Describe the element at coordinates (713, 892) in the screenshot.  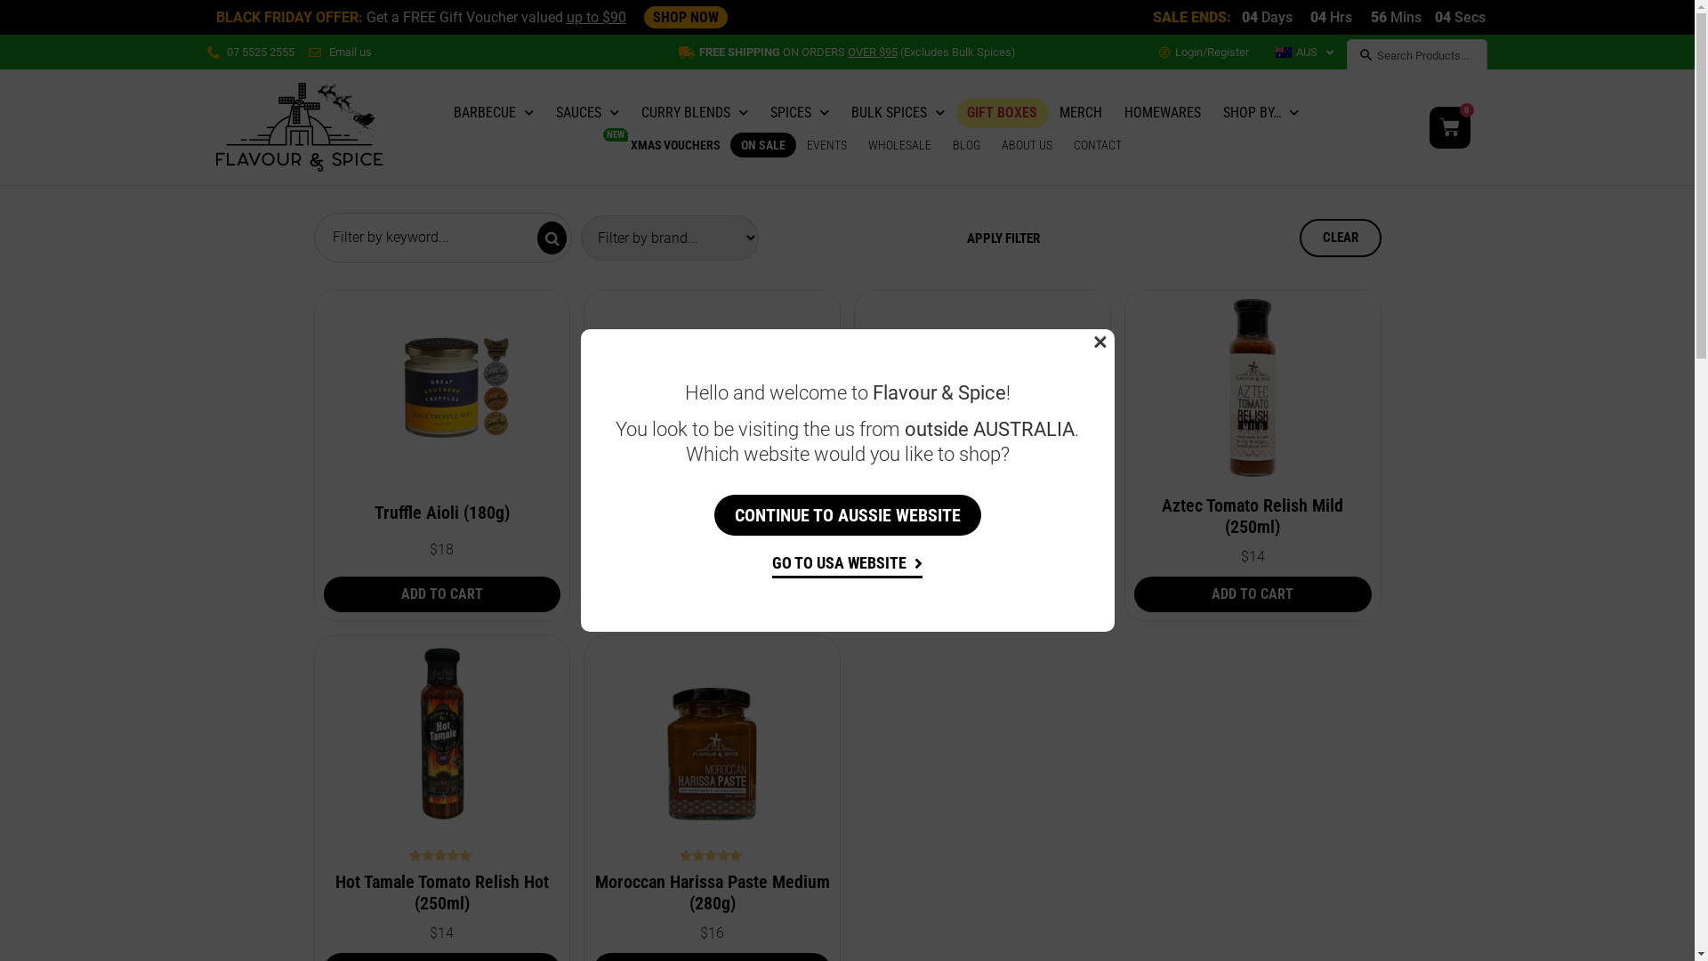
I see `'Moroccan Harissa Paste Medium (280g)'` at that location.